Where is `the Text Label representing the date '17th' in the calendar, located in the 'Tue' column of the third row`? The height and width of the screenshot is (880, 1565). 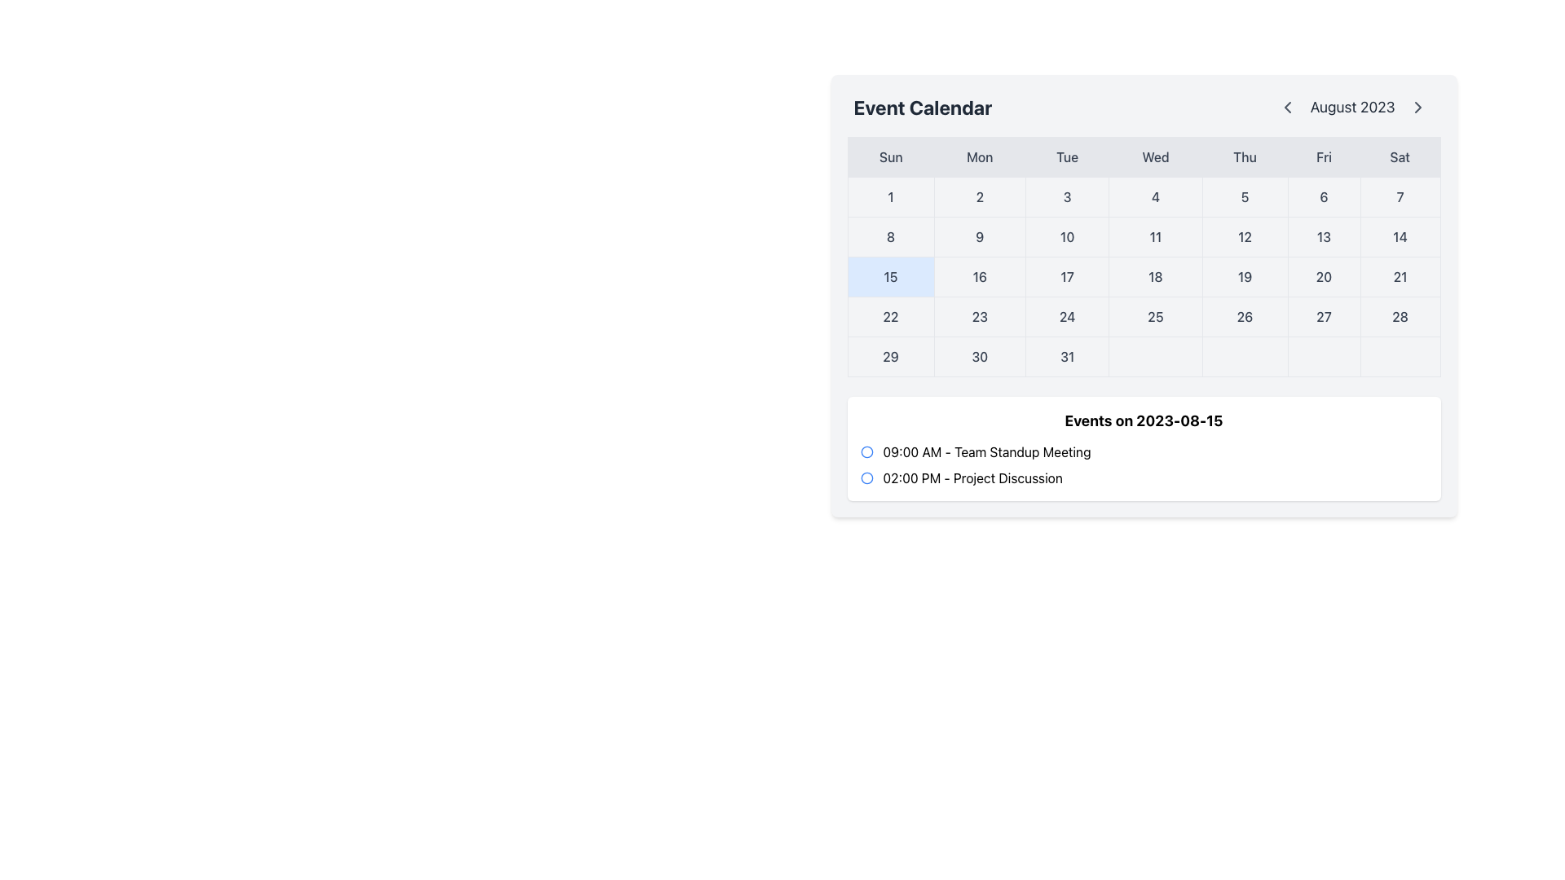
the Text Label representing the date '17th' in the calendar, located in the 'Tue' column of the third row is located at coordinates (1067, 275).